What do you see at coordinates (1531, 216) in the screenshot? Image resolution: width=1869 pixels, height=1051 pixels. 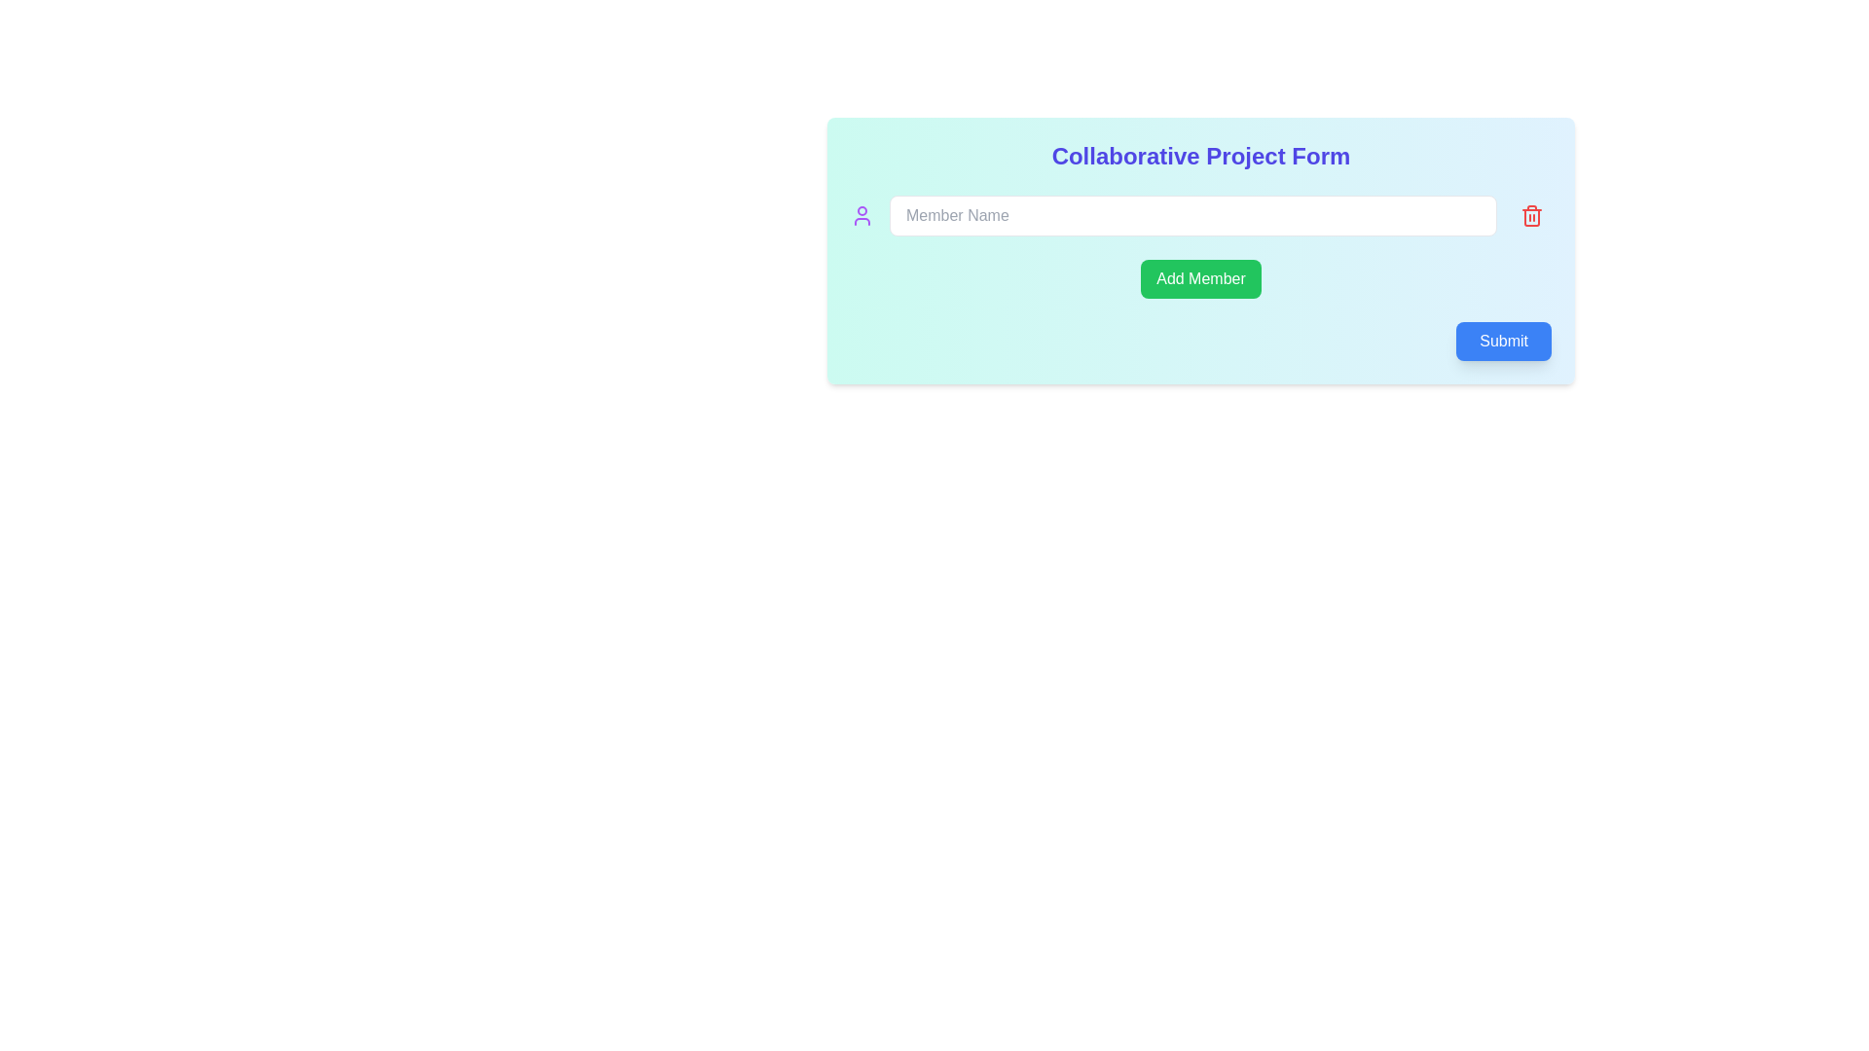 I see `the delete icon located to the right of the 'Member Name' text input field in the 'Collaborative Project Form'` at bounding box center [1531, 216].